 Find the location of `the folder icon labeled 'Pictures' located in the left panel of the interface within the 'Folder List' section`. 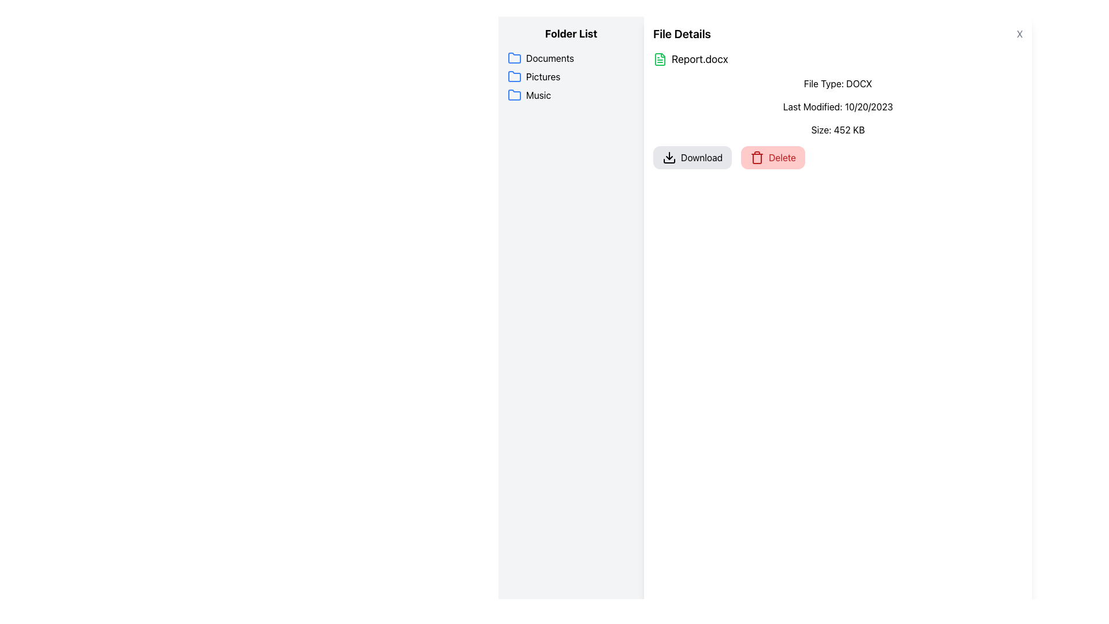

the folder icon labeled 'Pictures' located in the left panel of the interface within the 'Folder List' section is located at coordinates (514, 76).